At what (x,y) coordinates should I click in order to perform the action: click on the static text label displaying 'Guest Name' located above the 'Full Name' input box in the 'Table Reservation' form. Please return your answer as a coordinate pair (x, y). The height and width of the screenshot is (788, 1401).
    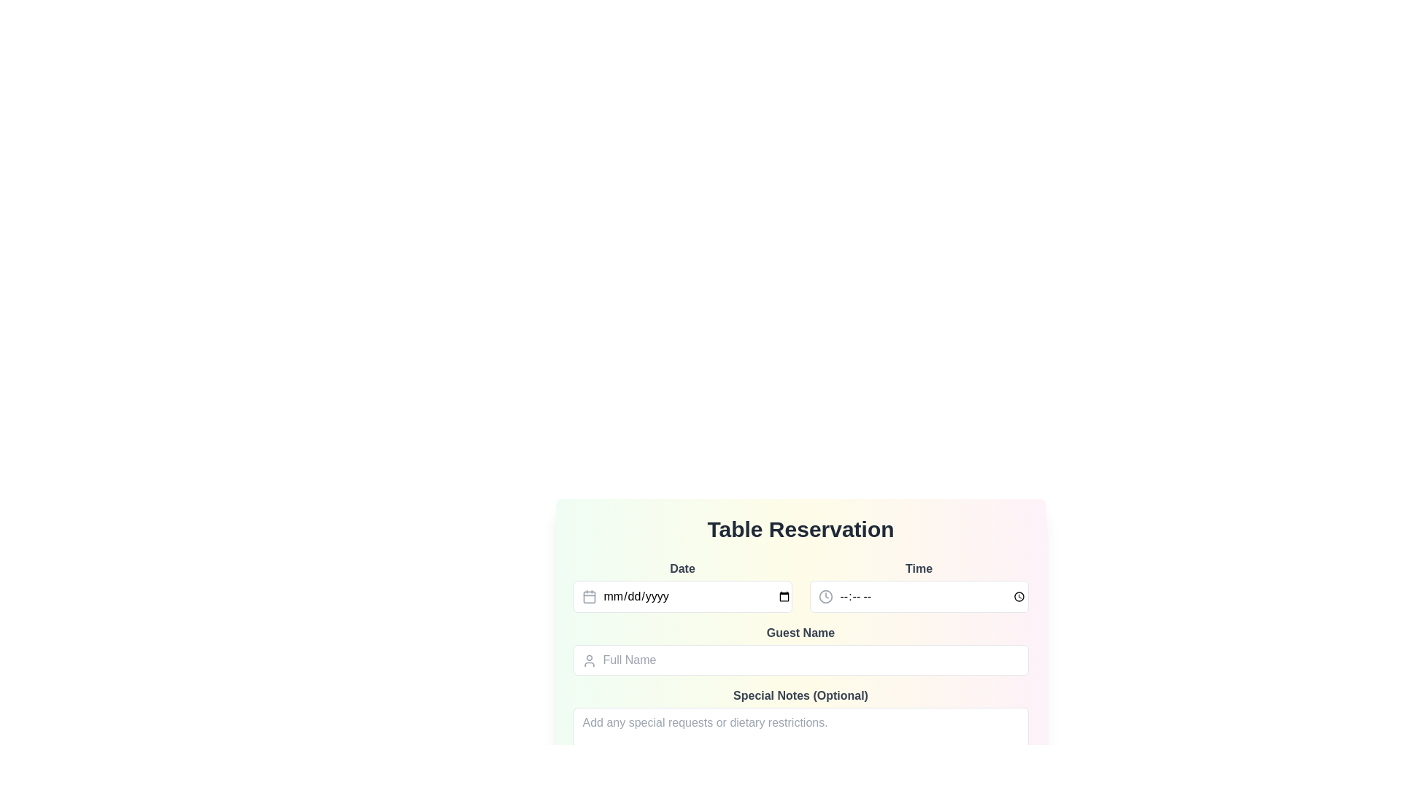
    Looking at the image, I should click on (800, 632).